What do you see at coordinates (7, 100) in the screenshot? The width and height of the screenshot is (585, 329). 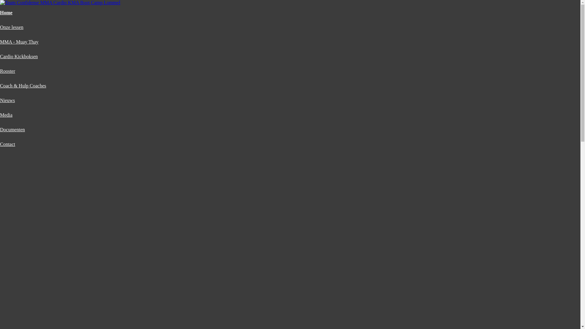 I see `'Nieuws'` at bounding box center [7, 100].